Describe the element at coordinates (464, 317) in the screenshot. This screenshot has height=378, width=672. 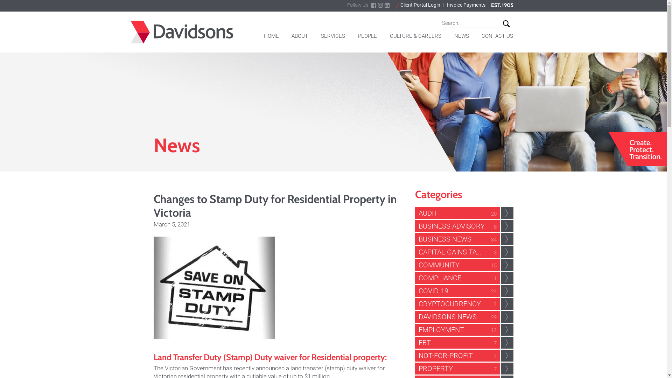
I see `'DAVIDSONS NEWS` at that location.